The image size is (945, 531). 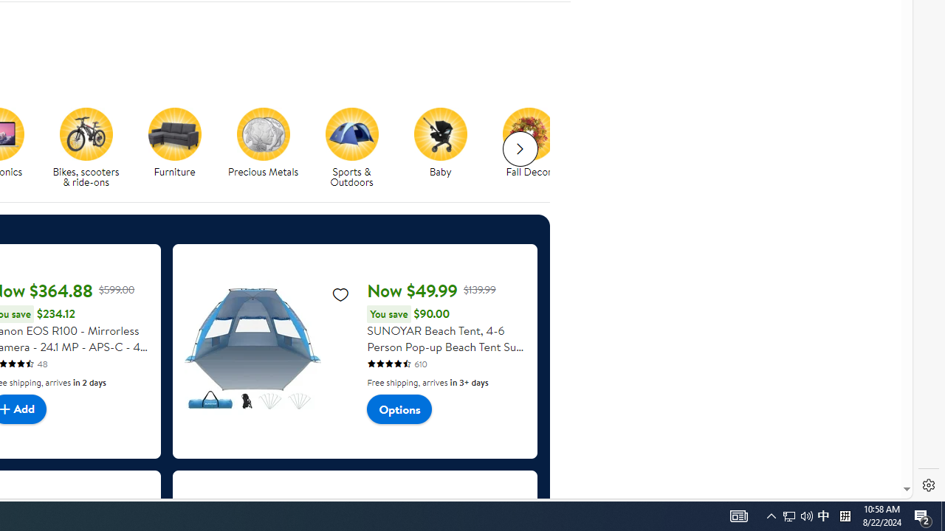 I want to click on 'Bikes, scooters & ride-ons', so click(x=91, y=148).